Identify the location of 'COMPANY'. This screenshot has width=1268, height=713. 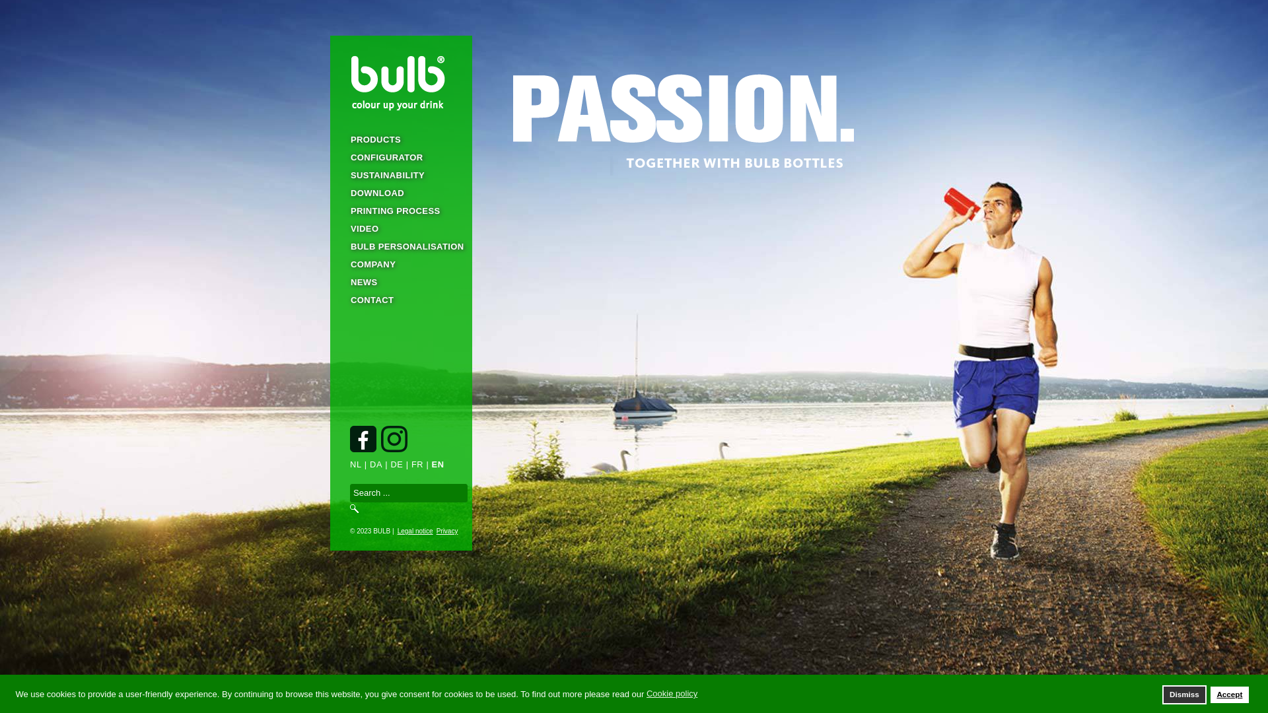
(400, 264).